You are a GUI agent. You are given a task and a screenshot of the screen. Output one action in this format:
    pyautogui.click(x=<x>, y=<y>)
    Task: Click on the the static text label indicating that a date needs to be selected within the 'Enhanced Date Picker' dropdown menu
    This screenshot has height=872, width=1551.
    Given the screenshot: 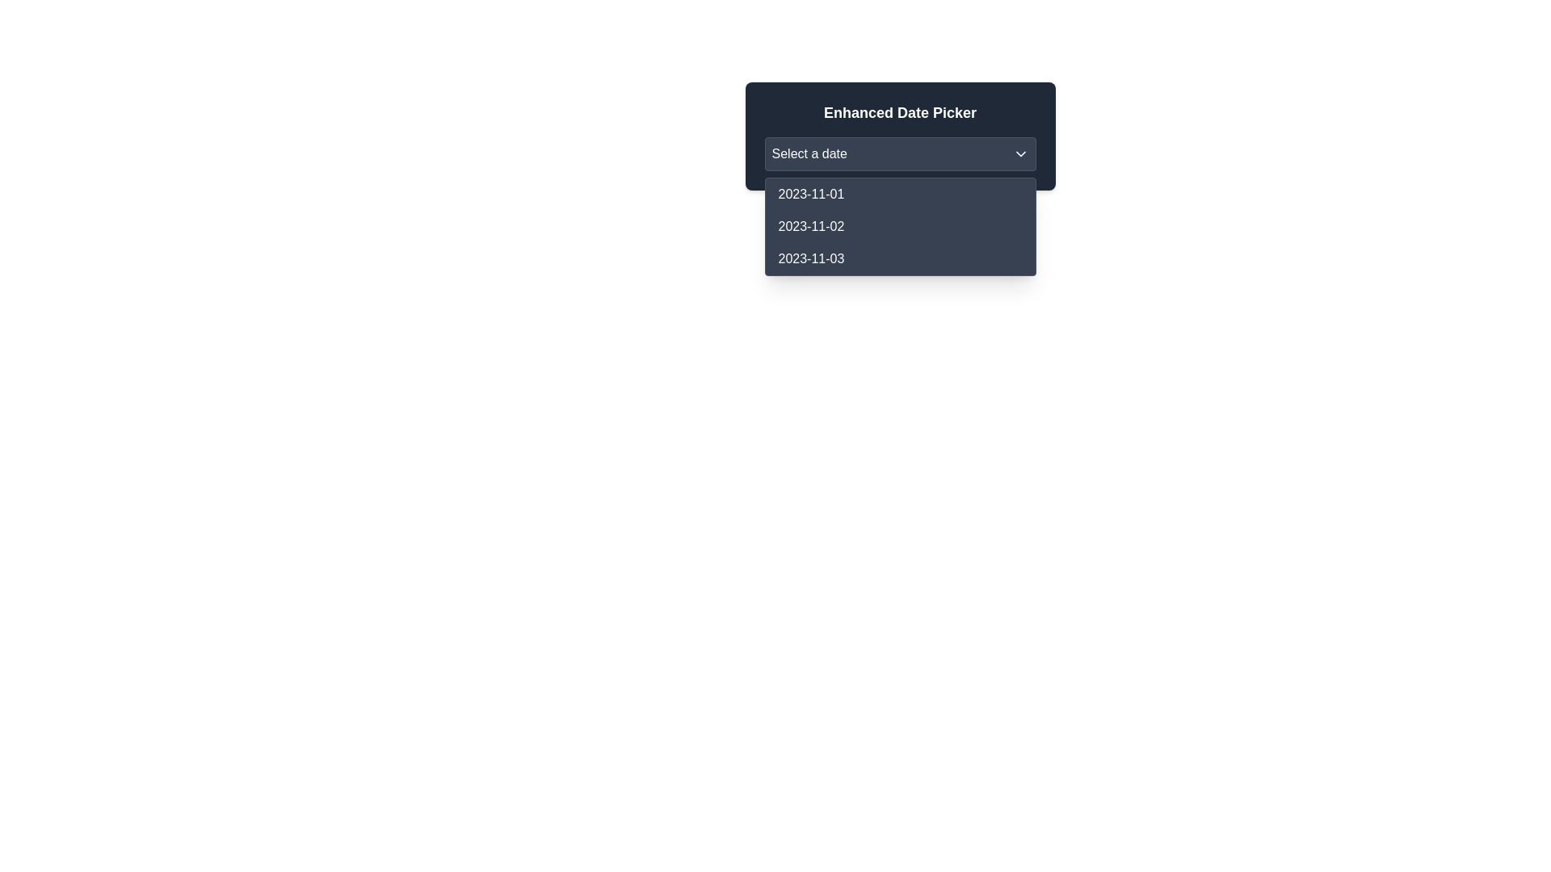 What is the action you would take?
    pyautogui.click(x=809, y=154)
    